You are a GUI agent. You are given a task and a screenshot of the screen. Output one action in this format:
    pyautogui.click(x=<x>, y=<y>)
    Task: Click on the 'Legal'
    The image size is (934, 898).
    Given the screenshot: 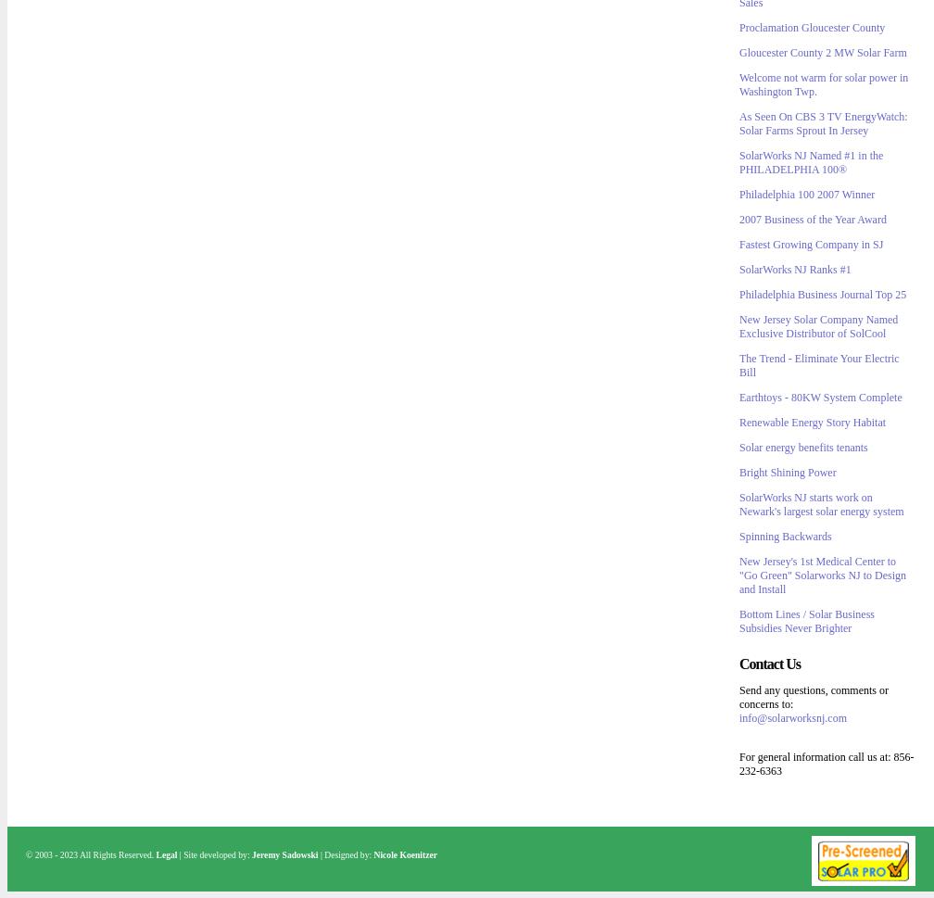 What is the action you would take?
    pyautogui.click(x=166, y=854)
    